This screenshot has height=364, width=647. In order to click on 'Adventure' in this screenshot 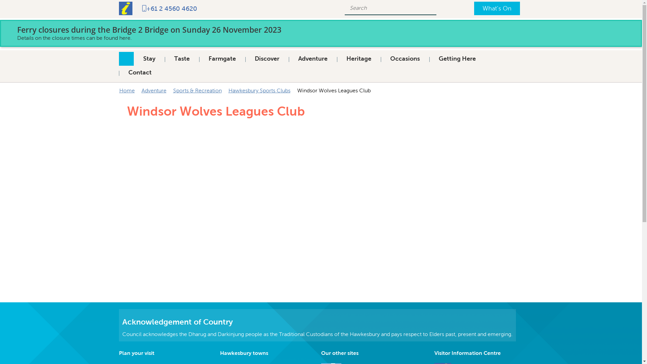, I will do `click(141, 90)`.